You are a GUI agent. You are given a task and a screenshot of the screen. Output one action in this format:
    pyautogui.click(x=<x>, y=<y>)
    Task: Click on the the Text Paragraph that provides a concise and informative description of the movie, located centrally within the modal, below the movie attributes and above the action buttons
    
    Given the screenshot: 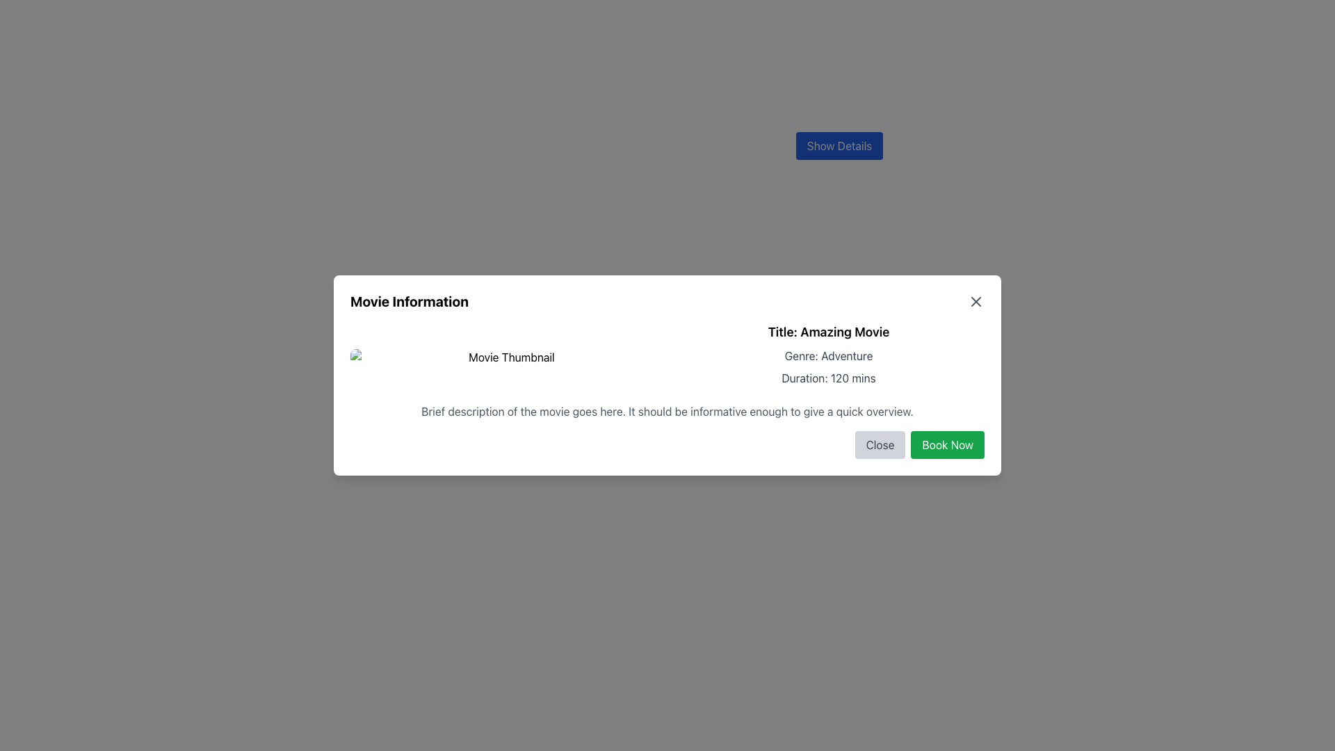 What is the action you would take?
    pyautogui.click(x=667, y=410)
    